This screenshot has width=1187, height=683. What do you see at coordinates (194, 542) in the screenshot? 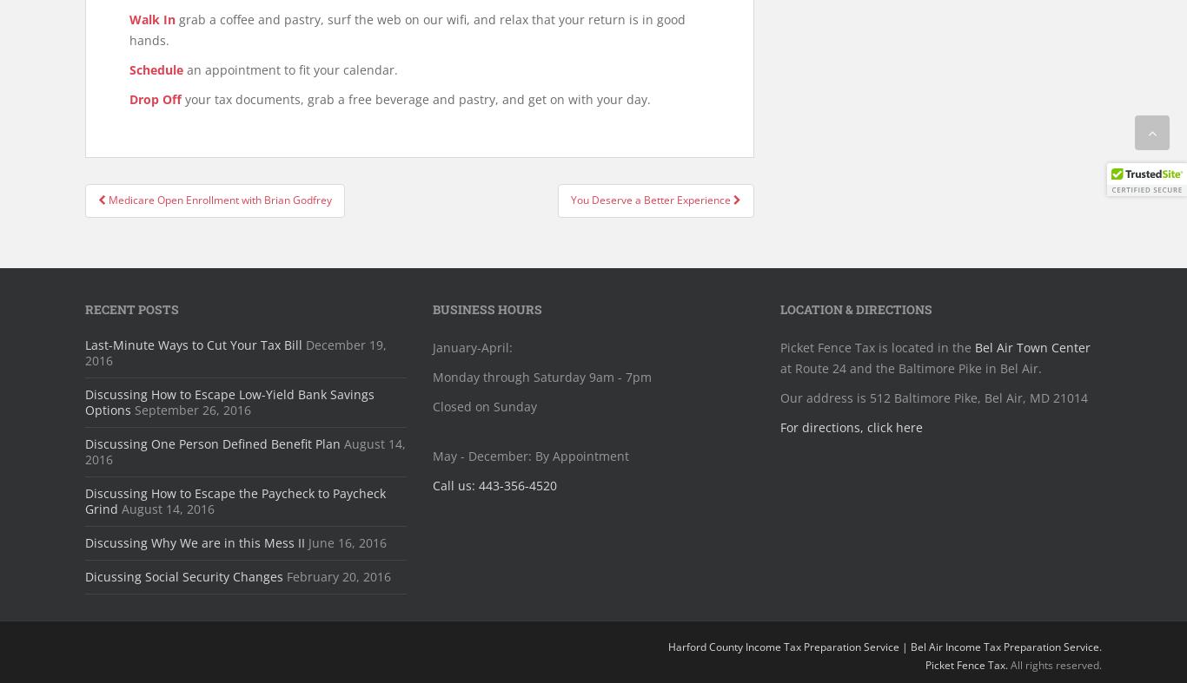
I see `'Discussing Why We are in this Mess II'` at bounding box center [194, 542].